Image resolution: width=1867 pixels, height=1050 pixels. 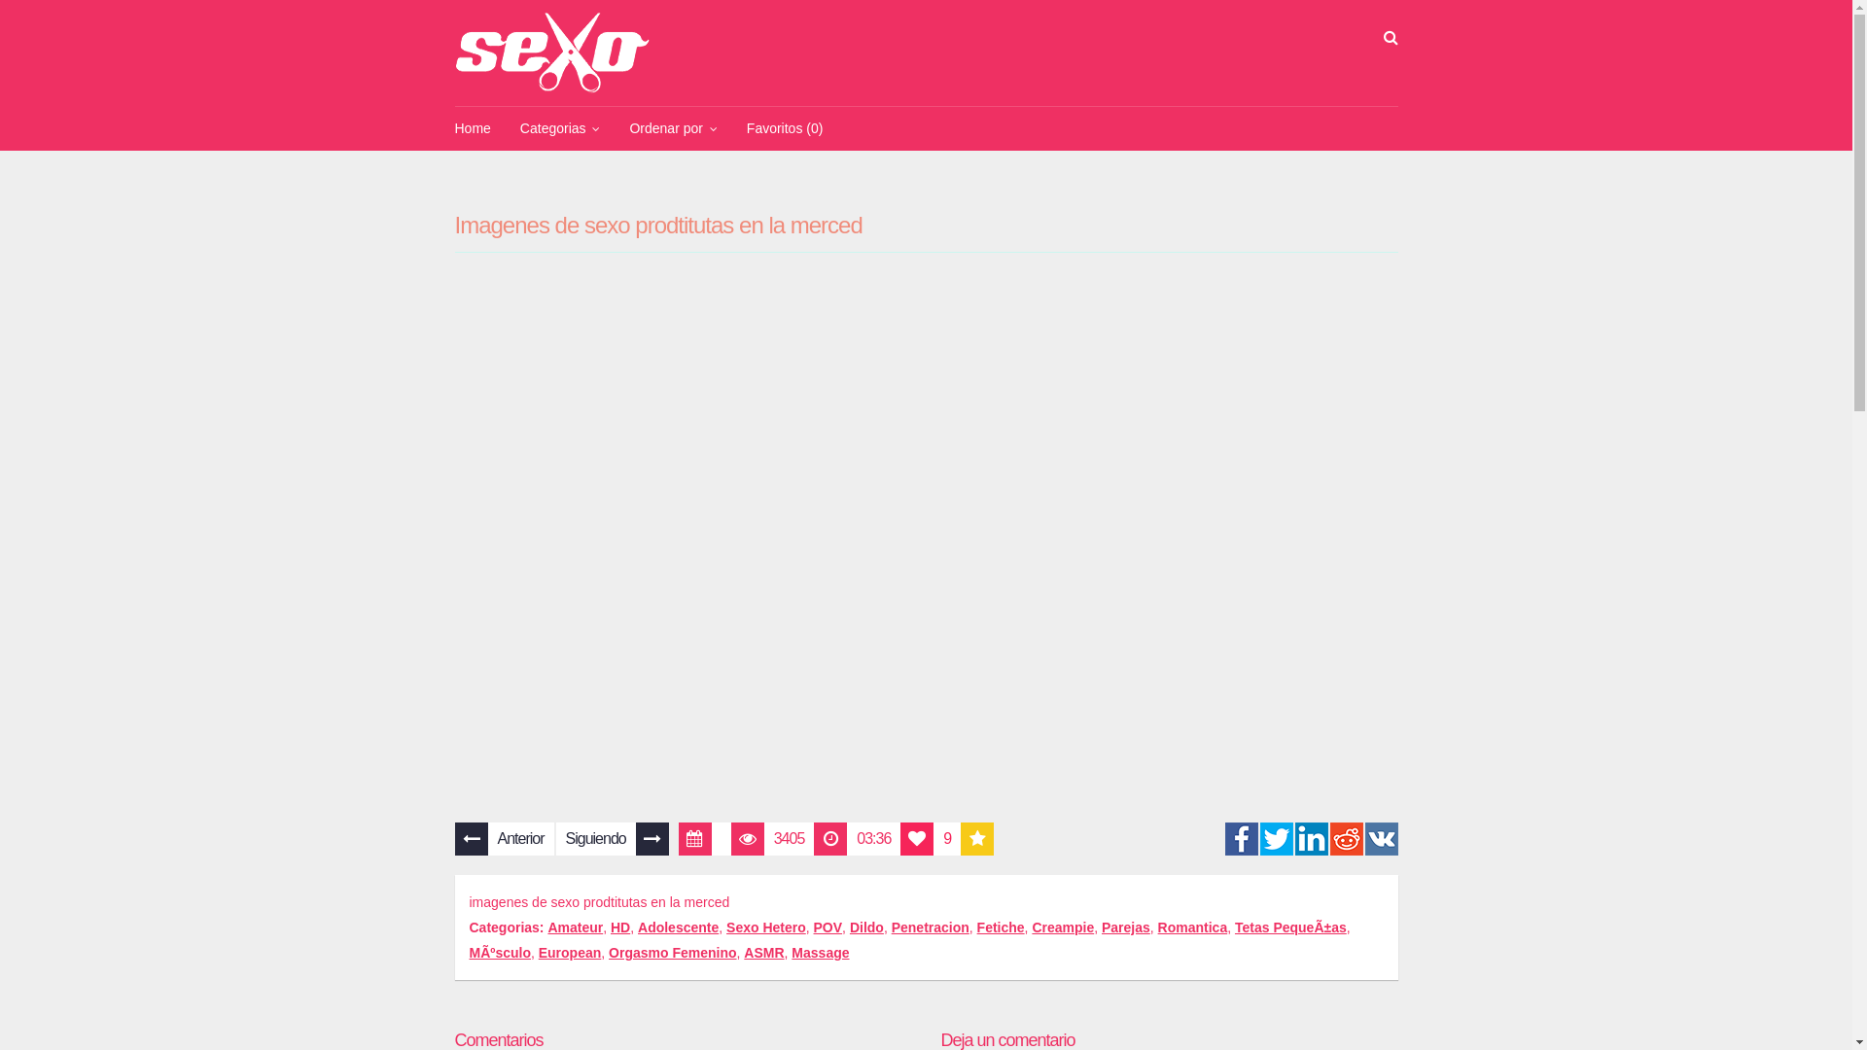 What do you see at coordinates (929, 926) in the screenshot?
I see `'Penetracion'` at bounding box center [929, 926].